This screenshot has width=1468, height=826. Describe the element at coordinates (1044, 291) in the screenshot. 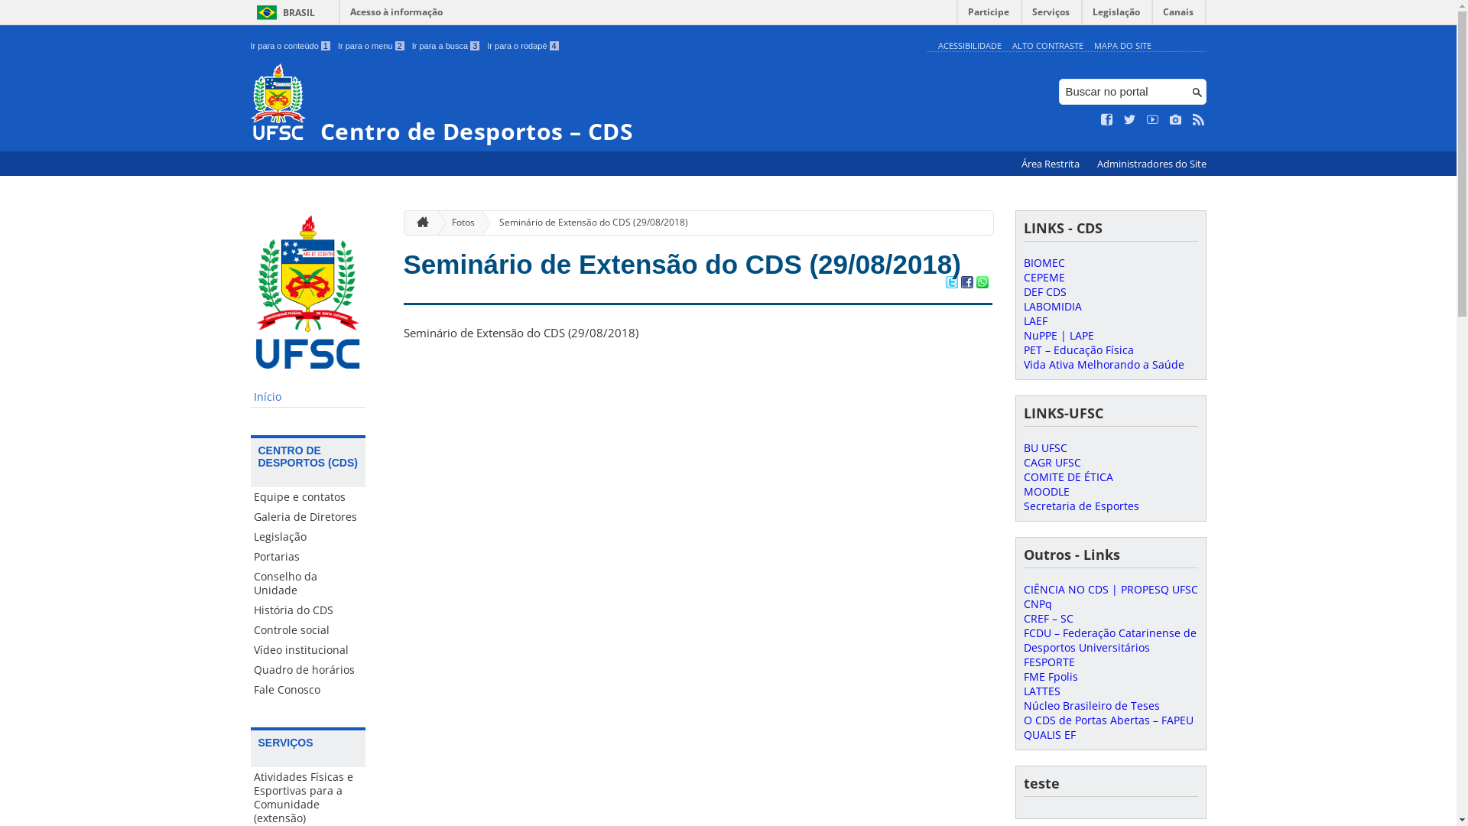

I see `'DEF CDS'` at that location.